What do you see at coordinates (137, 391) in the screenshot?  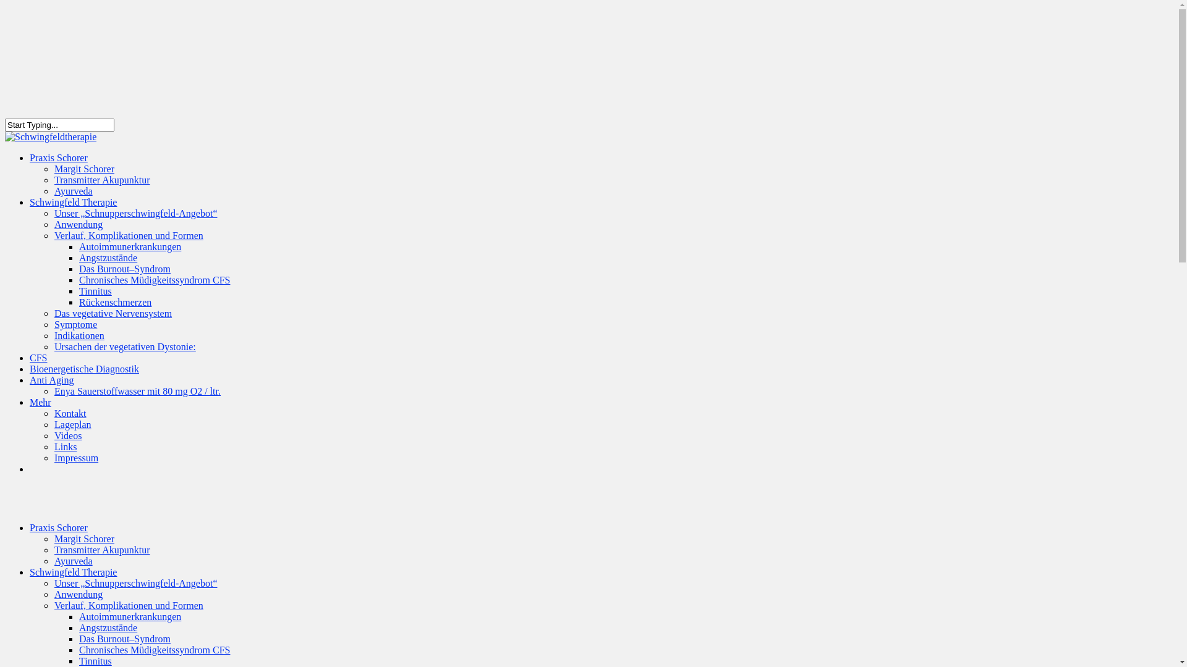 I see `'Enya Sauerstoffwasser mit 80 mg O2 / ltr.'` at bounding box center [137, 391].